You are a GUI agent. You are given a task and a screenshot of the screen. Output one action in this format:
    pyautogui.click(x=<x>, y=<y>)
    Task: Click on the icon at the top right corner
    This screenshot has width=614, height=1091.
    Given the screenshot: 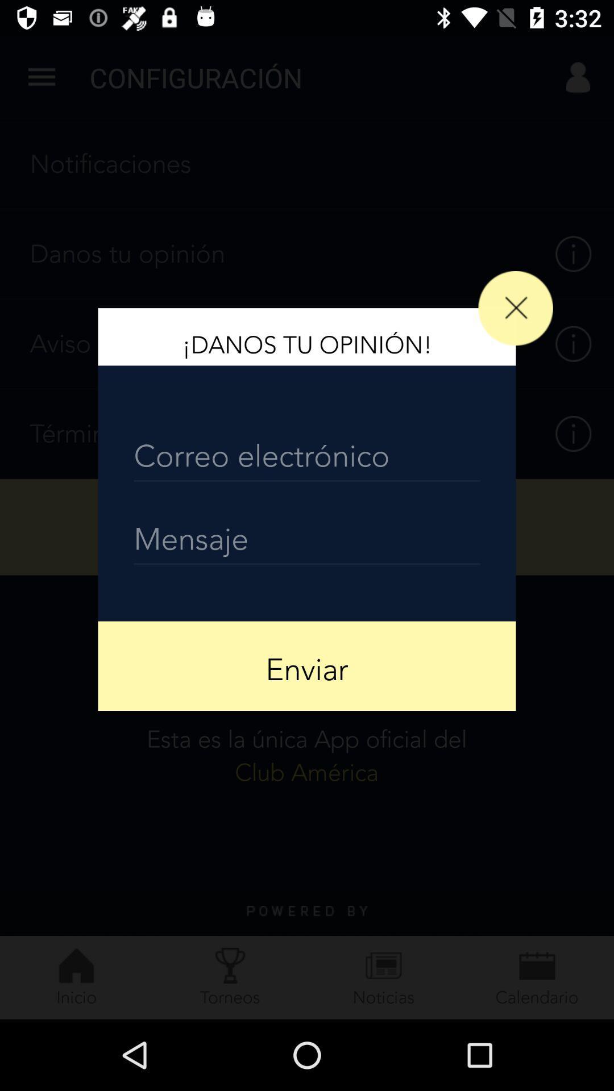 What is the action you would take?
    pyautogui.click(x=516, y=308)
    